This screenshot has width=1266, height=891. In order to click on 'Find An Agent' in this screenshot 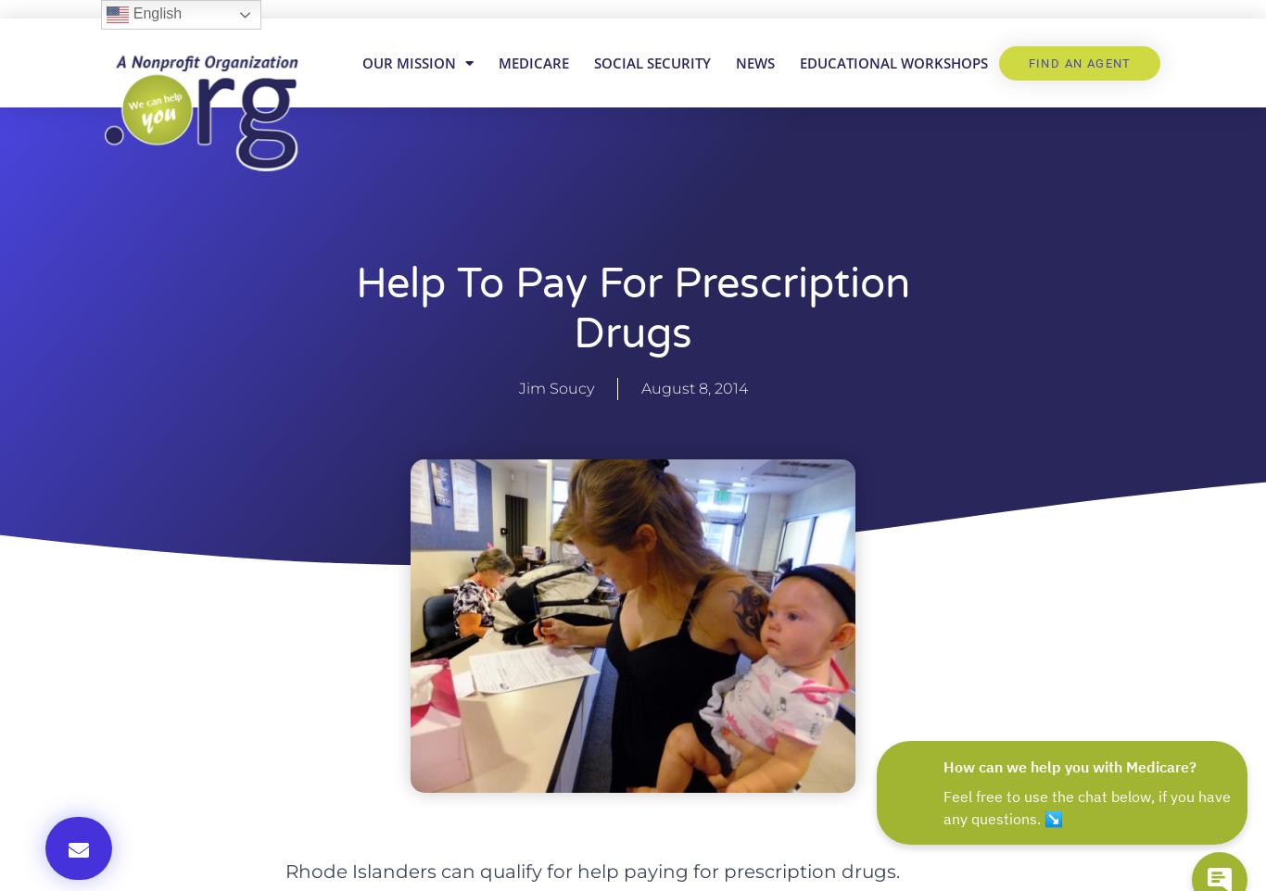, I will do `click(1027, 62)`.